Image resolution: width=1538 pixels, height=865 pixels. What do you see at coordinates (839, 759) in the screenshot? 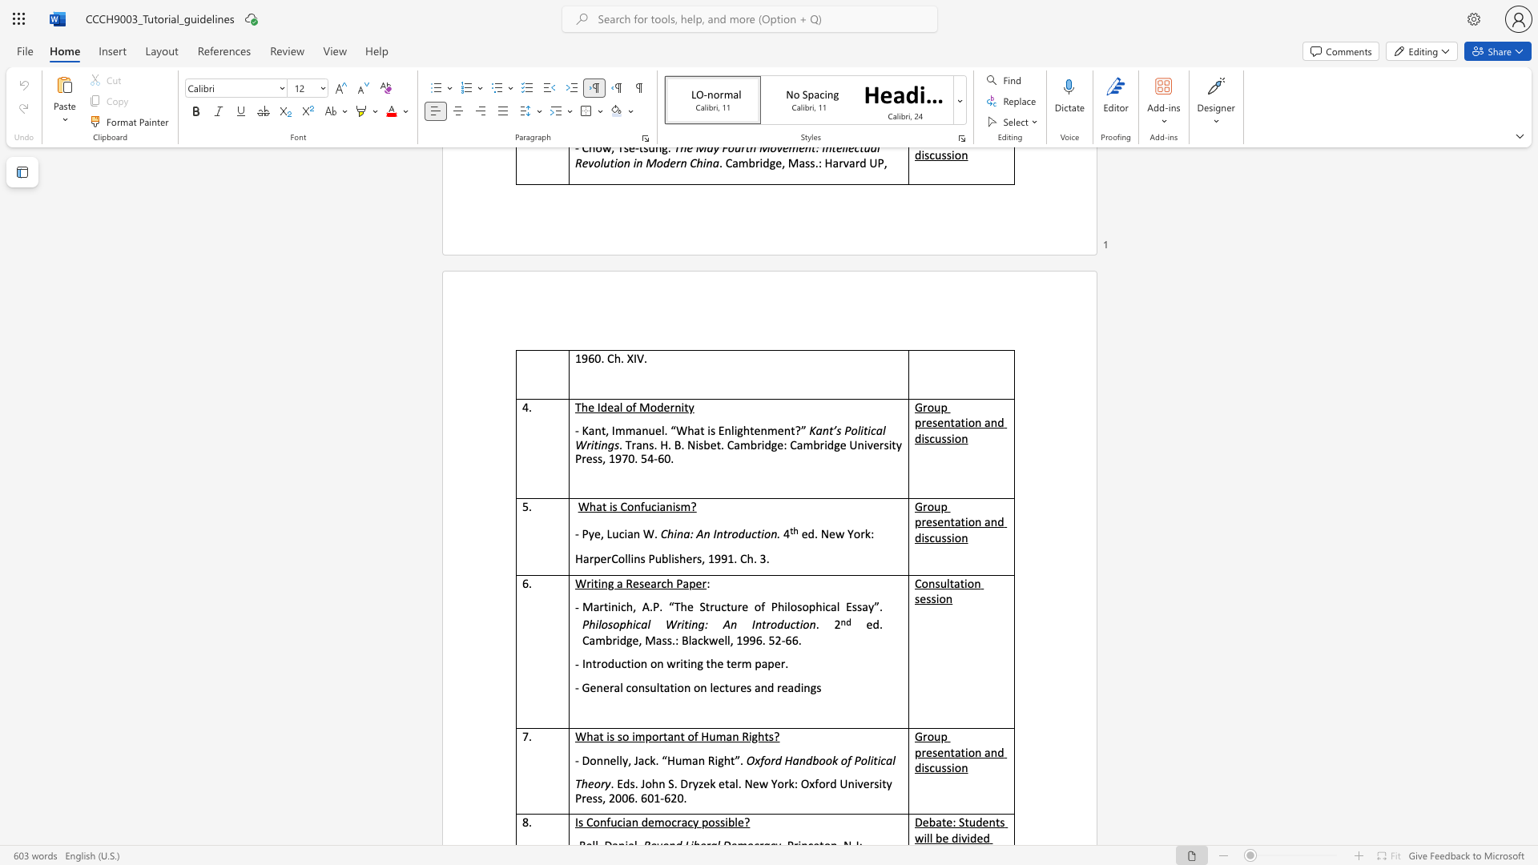
I see `the subset text "of Politic" within the text "Oxford Handbook of Political"` at bounding box center [839, 759].